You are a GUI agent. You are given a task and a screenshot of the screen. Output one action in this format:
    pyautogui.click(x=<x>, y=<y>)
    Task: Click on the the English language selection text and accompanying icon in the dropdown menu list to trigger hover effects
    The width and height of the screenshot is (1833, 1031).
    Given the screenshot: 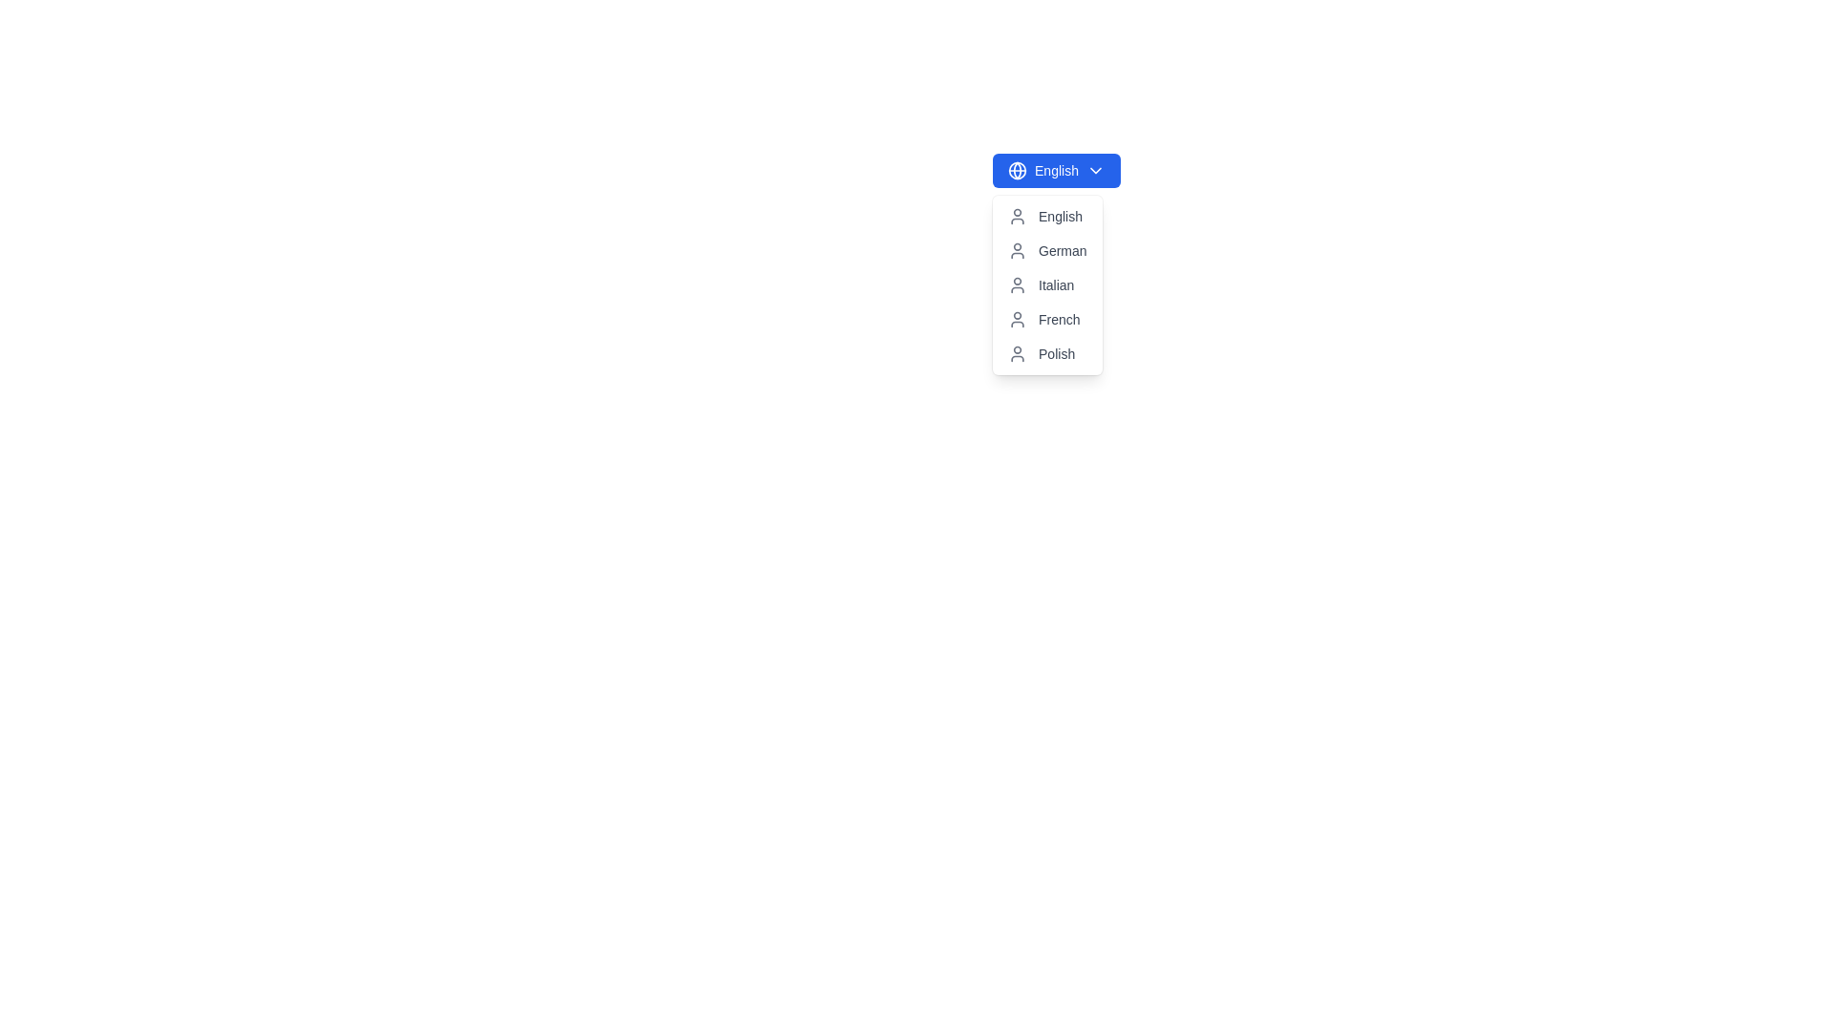 What is the action you would take?
    pyautogui.click(x=1046, y=216)
    